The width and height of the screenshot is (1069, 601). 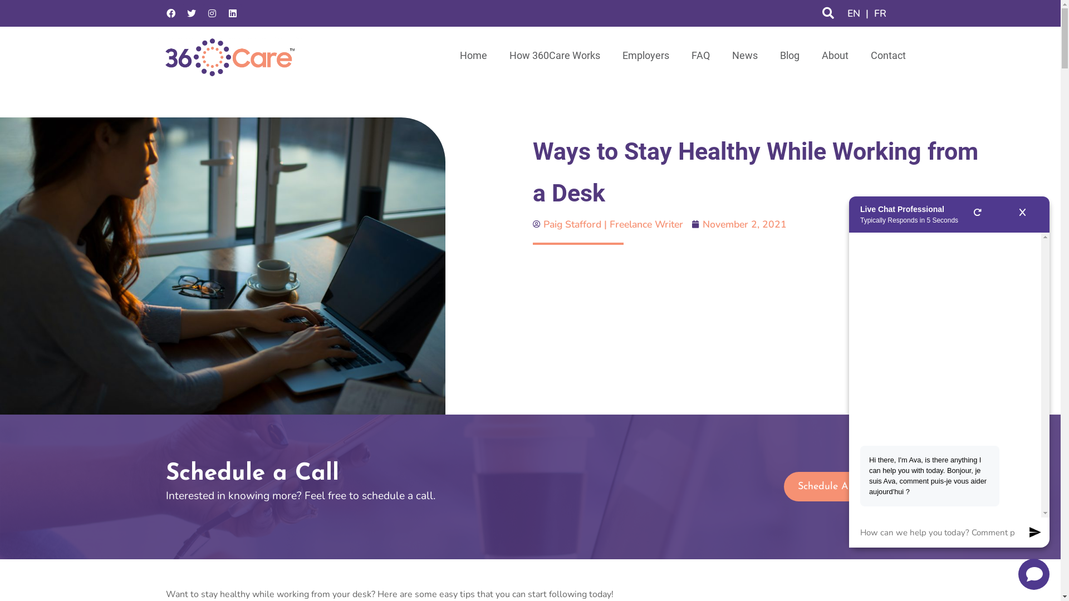 What do you see at coordinates (611, 56) in the screenshot?
I see `'Employers'` at bounding box center [611, 56].